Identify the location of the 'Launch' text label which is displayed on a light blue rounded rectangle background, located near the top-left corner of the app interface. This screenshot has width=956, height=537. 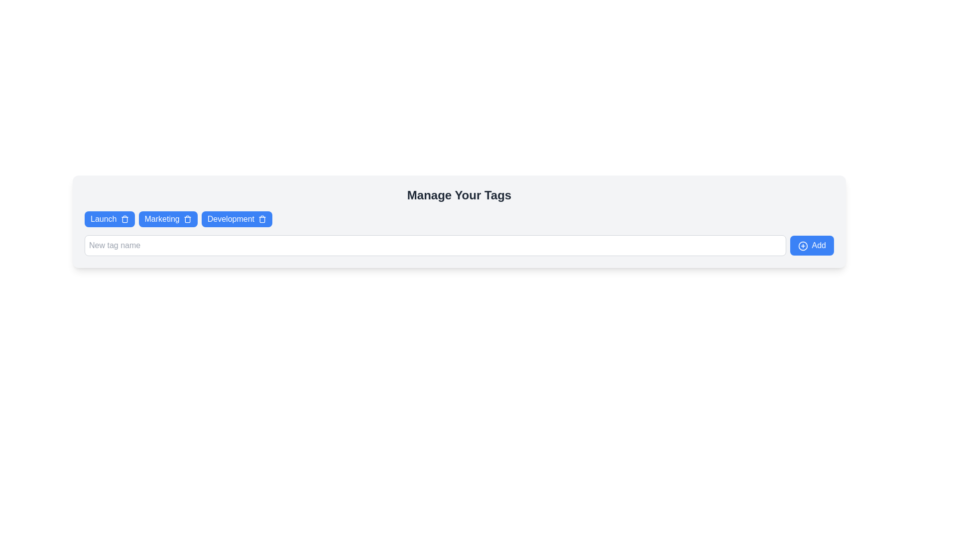
(104, 218).